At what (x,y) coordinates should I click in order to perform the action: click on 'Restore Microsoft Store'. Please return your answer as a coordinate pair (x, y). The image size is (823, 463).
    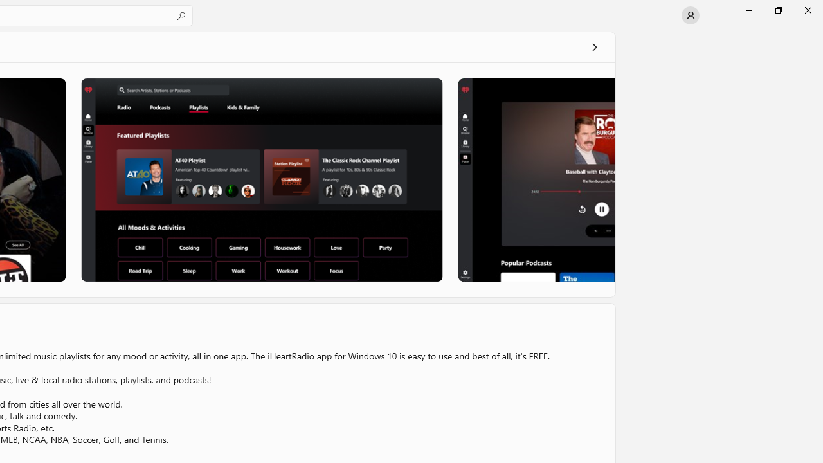
    Looking at the image, I should click on (777, 10).